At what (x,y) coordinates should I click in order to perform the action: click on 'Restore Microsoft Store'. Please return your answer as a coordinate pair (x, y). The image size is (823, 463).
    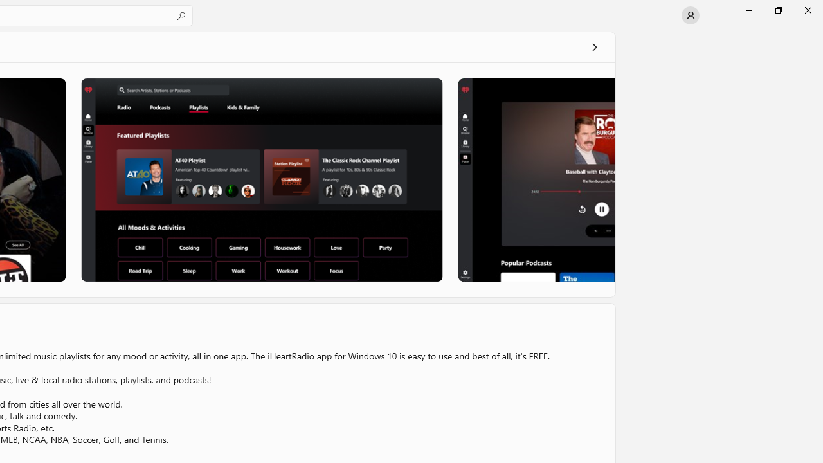
    Looking at the image, I should click on (777, 10).